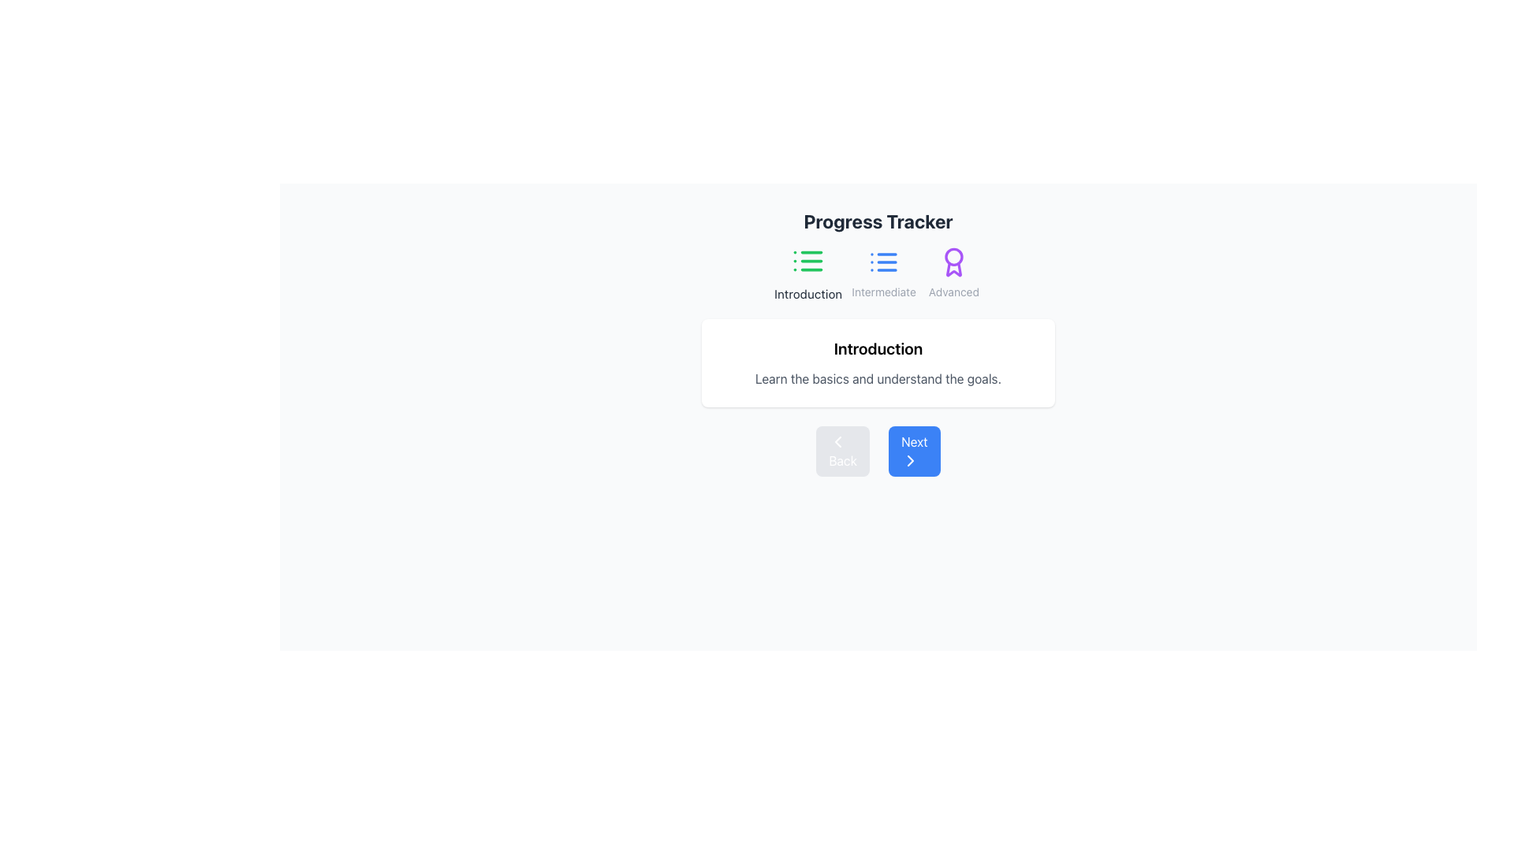  What do you see at coordinates (877, 379) in the screenshot?
I see `the instructional text located in the center of the white card component below the heading 'Introduction'` at bounding box center [877, 379].